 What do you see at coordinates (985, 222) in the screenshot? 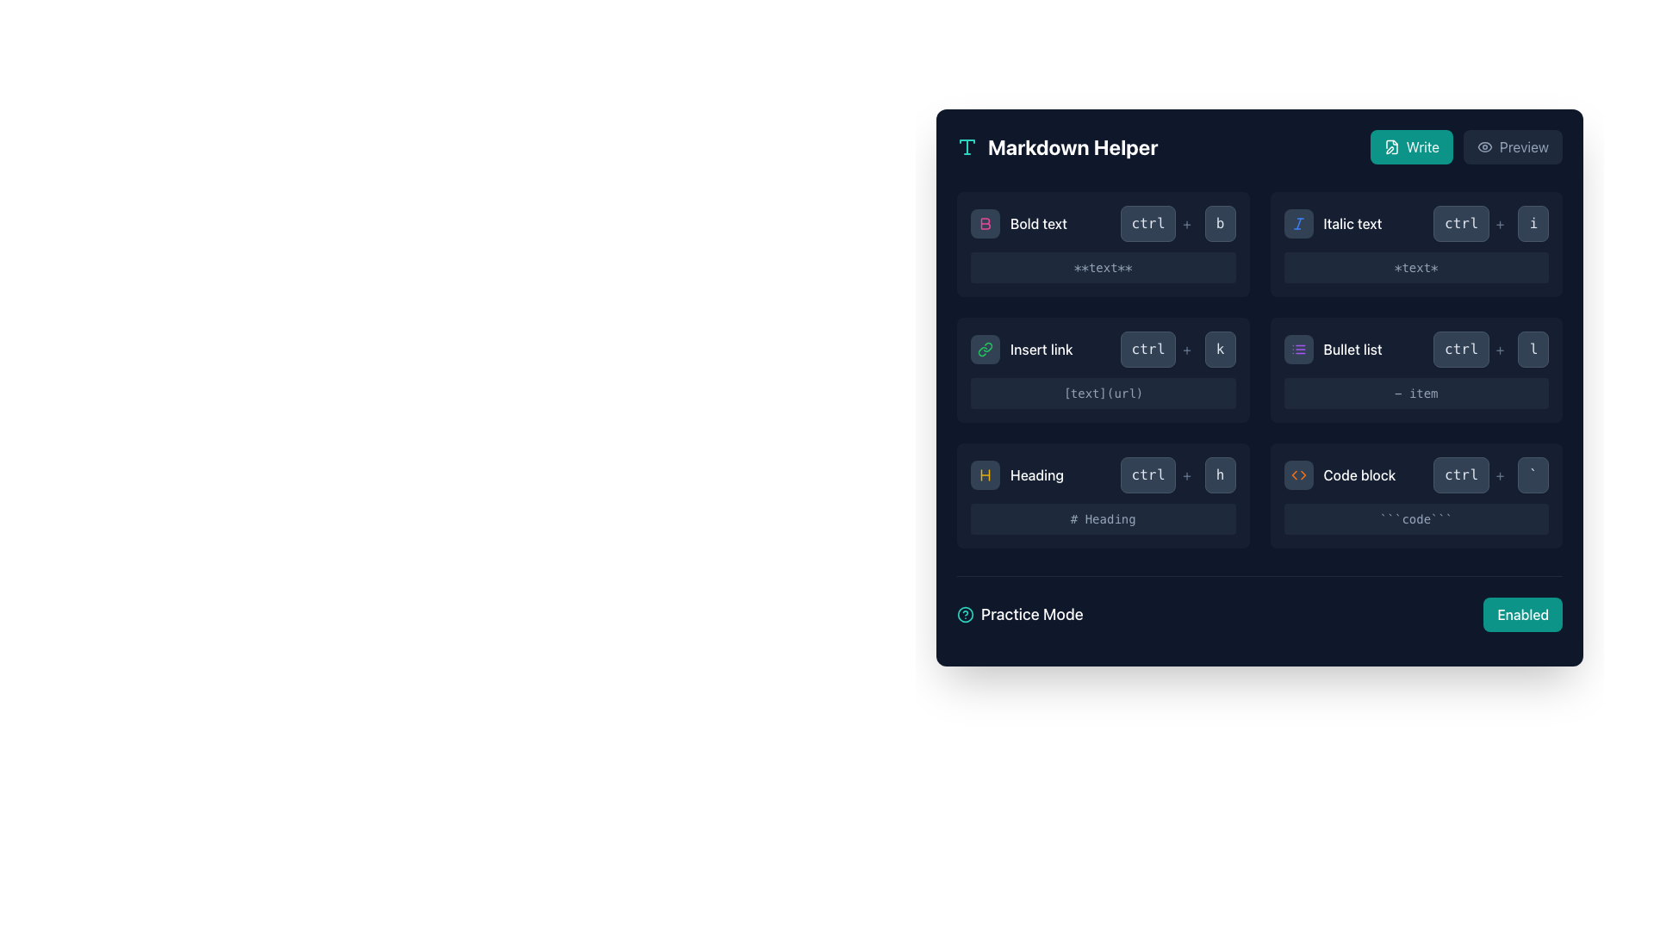
I see `the bold icon with a pink foreground on a slate-gray background, labeled 'Bold text'` at bounding box center [985, 222].